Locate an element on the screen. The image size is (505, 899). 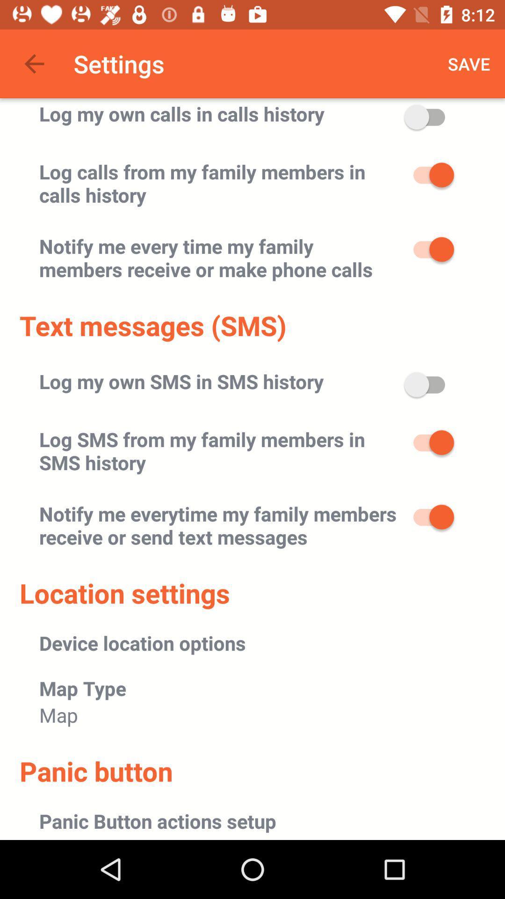
map type is located at coordinates (82, 688).